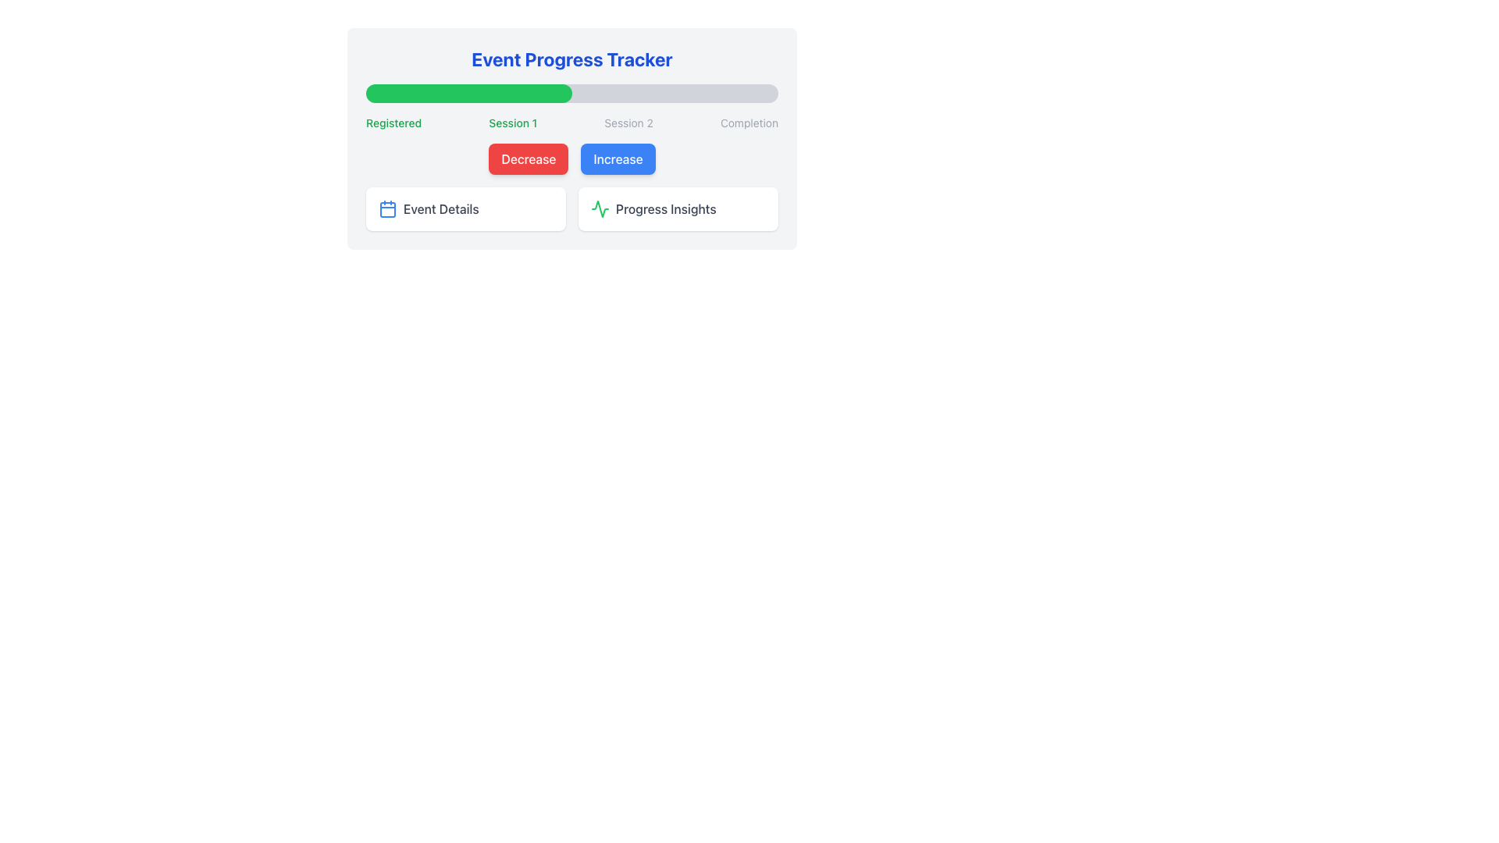  Describe the element at coordinates (618, 159) in the screenshot. I see `the 'Increase' button, which is a rectangular button with a bright blue background and white text, positioned to the right of the red 'Decrease' button` at that location.